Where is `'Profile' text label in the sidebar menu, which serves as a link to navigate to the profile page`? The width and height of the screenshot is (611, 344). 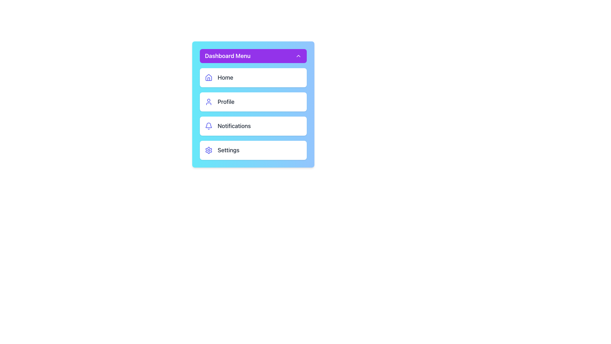
'Profile' text label in the sidebar menu, which serves as a link to navigate to the profile page is located at coordinates (226, 102).